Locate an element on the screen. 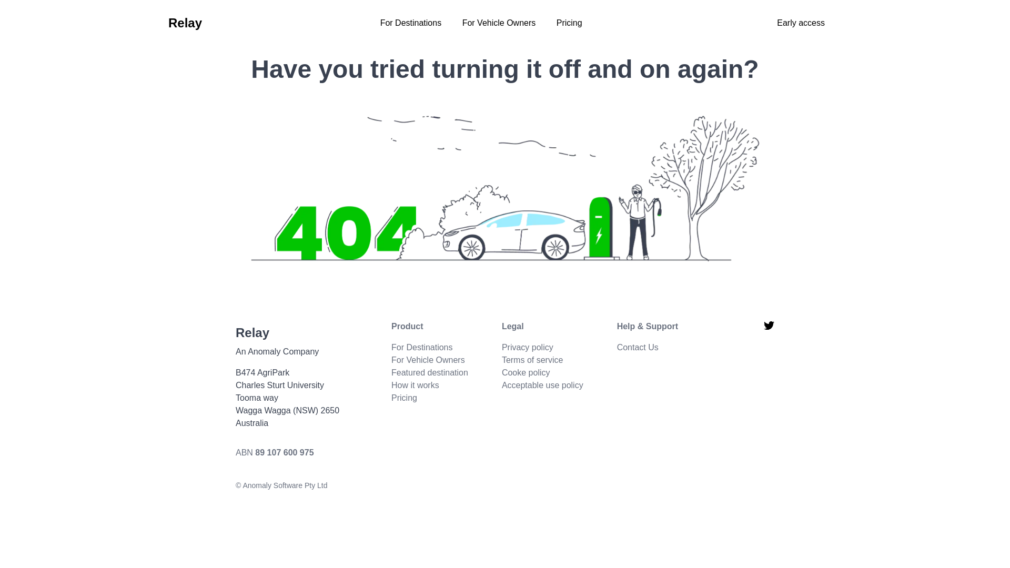 The width and height of the screenshot is (1010, 568). 'Relay' is located at coordinates (185, 23).